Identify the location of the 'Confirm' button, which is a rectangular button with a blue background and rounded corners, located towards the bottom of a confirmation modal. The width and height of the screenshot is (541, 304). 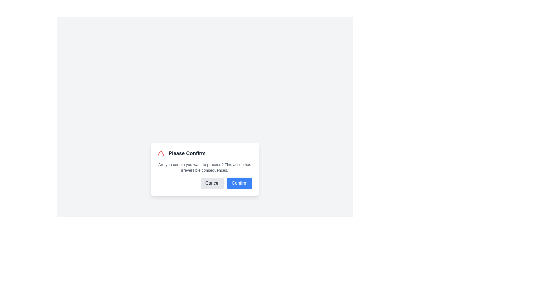
(240, 183).